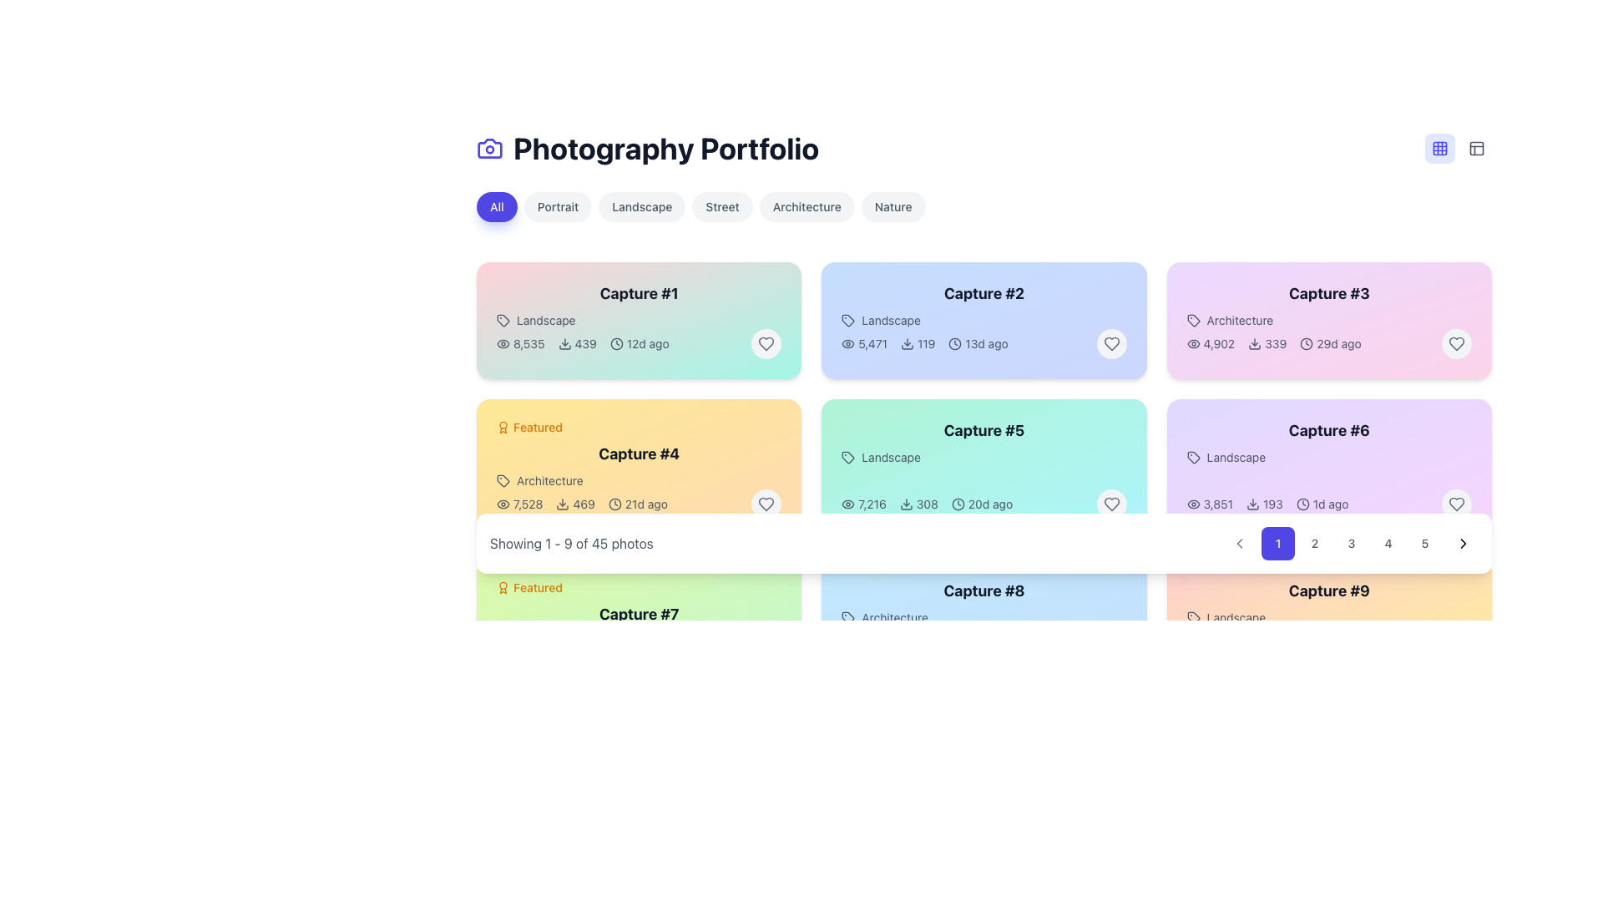  What do you see at coordinates (1458, 147) in the screenshot?
I see `the toggle group containing buttons for layout view selection, positioned near the top-right corner of the interface` at bounding box center [1458, 147].